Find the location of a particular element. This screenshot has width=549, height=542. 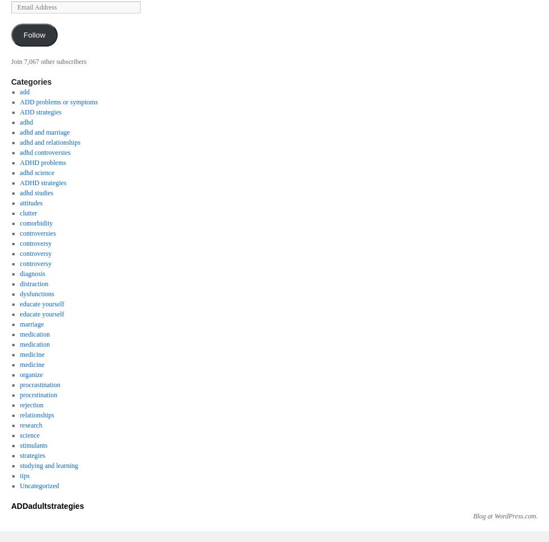

'procrastination' is located at coordinates (19, 384).